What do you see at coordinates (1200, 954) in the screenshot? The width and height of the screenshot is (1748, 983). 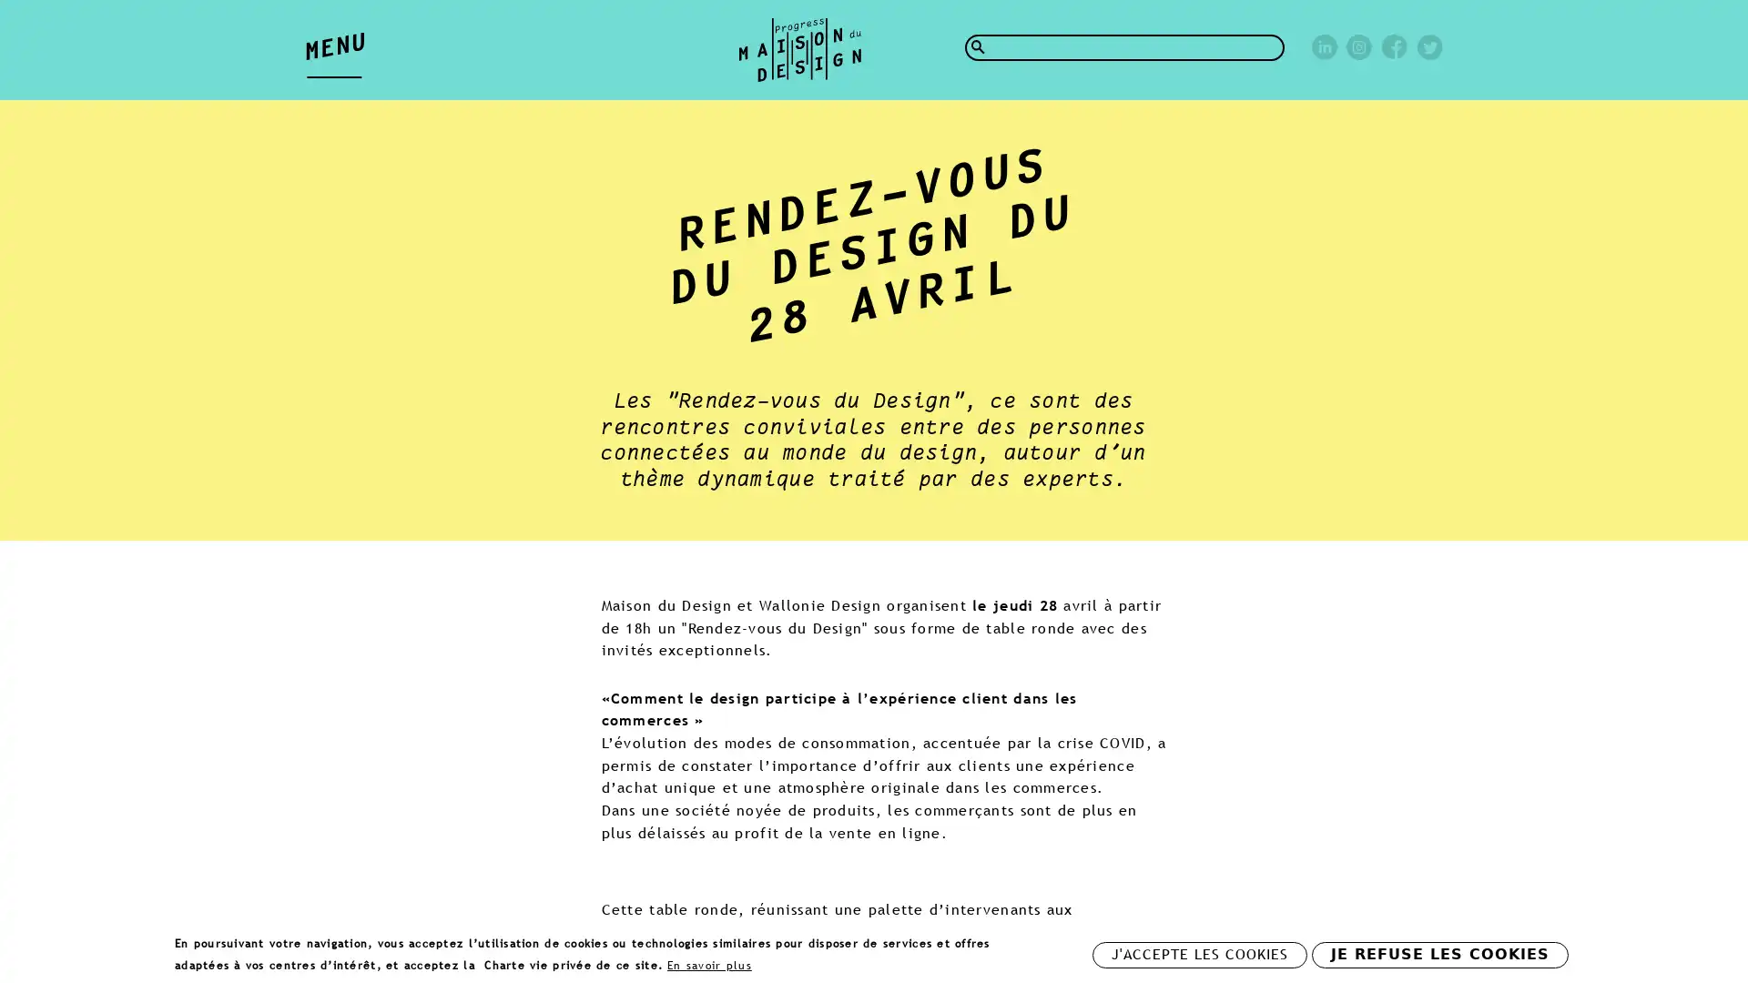 I see `J'ACCEPTE LES COOKIES` at bounding box center [1200, 954].